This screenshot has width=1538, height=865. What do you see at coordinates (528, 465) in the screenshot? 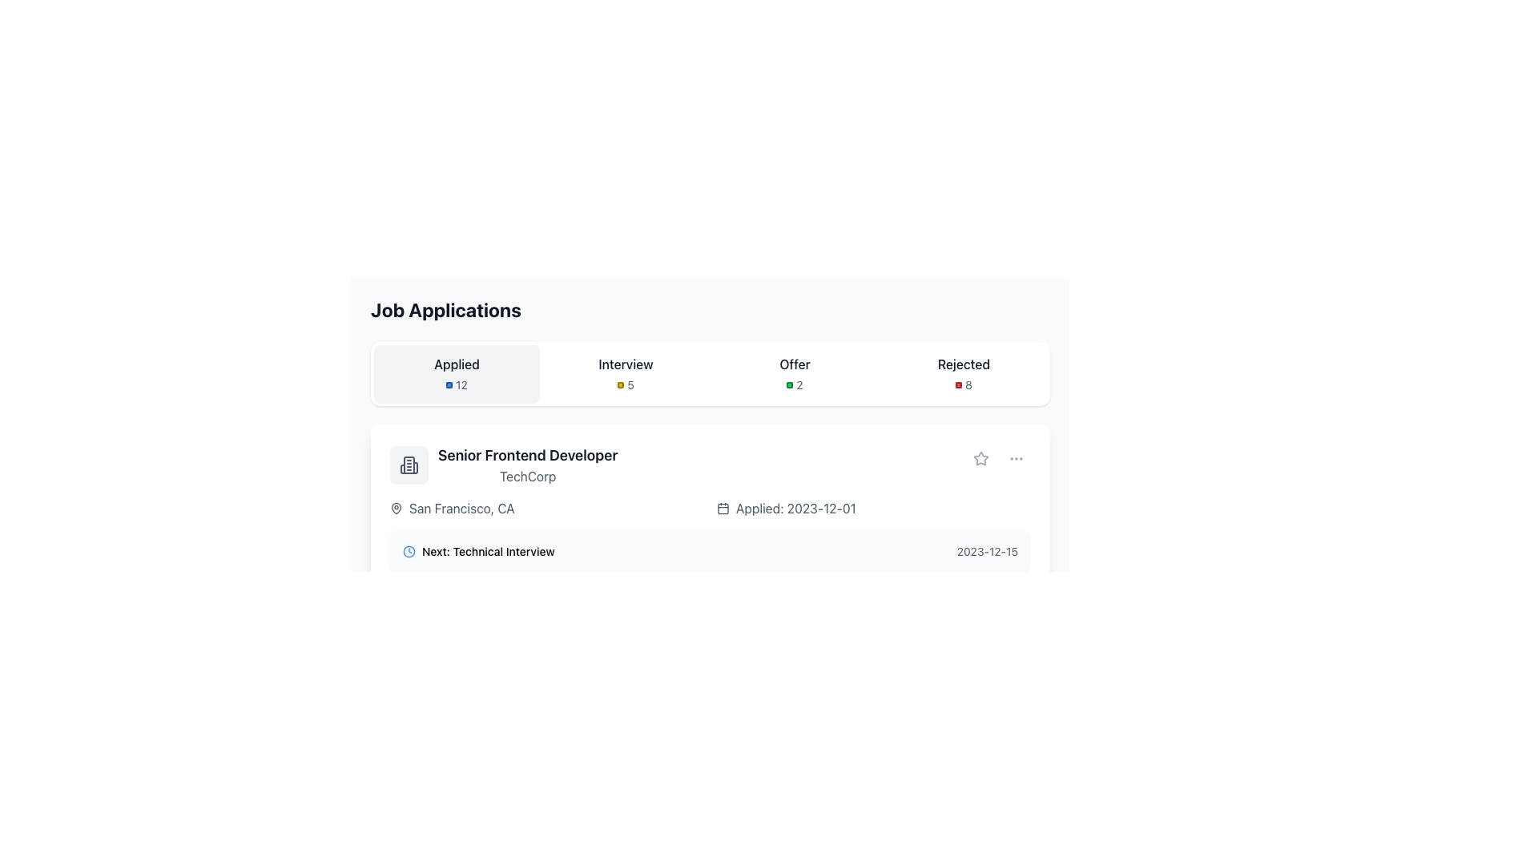
I see `the Text Display element which shows 'Senior Frontend Developer' and 'TechCorp', positioned centrally in the list item` at bounding box center [528, 465].